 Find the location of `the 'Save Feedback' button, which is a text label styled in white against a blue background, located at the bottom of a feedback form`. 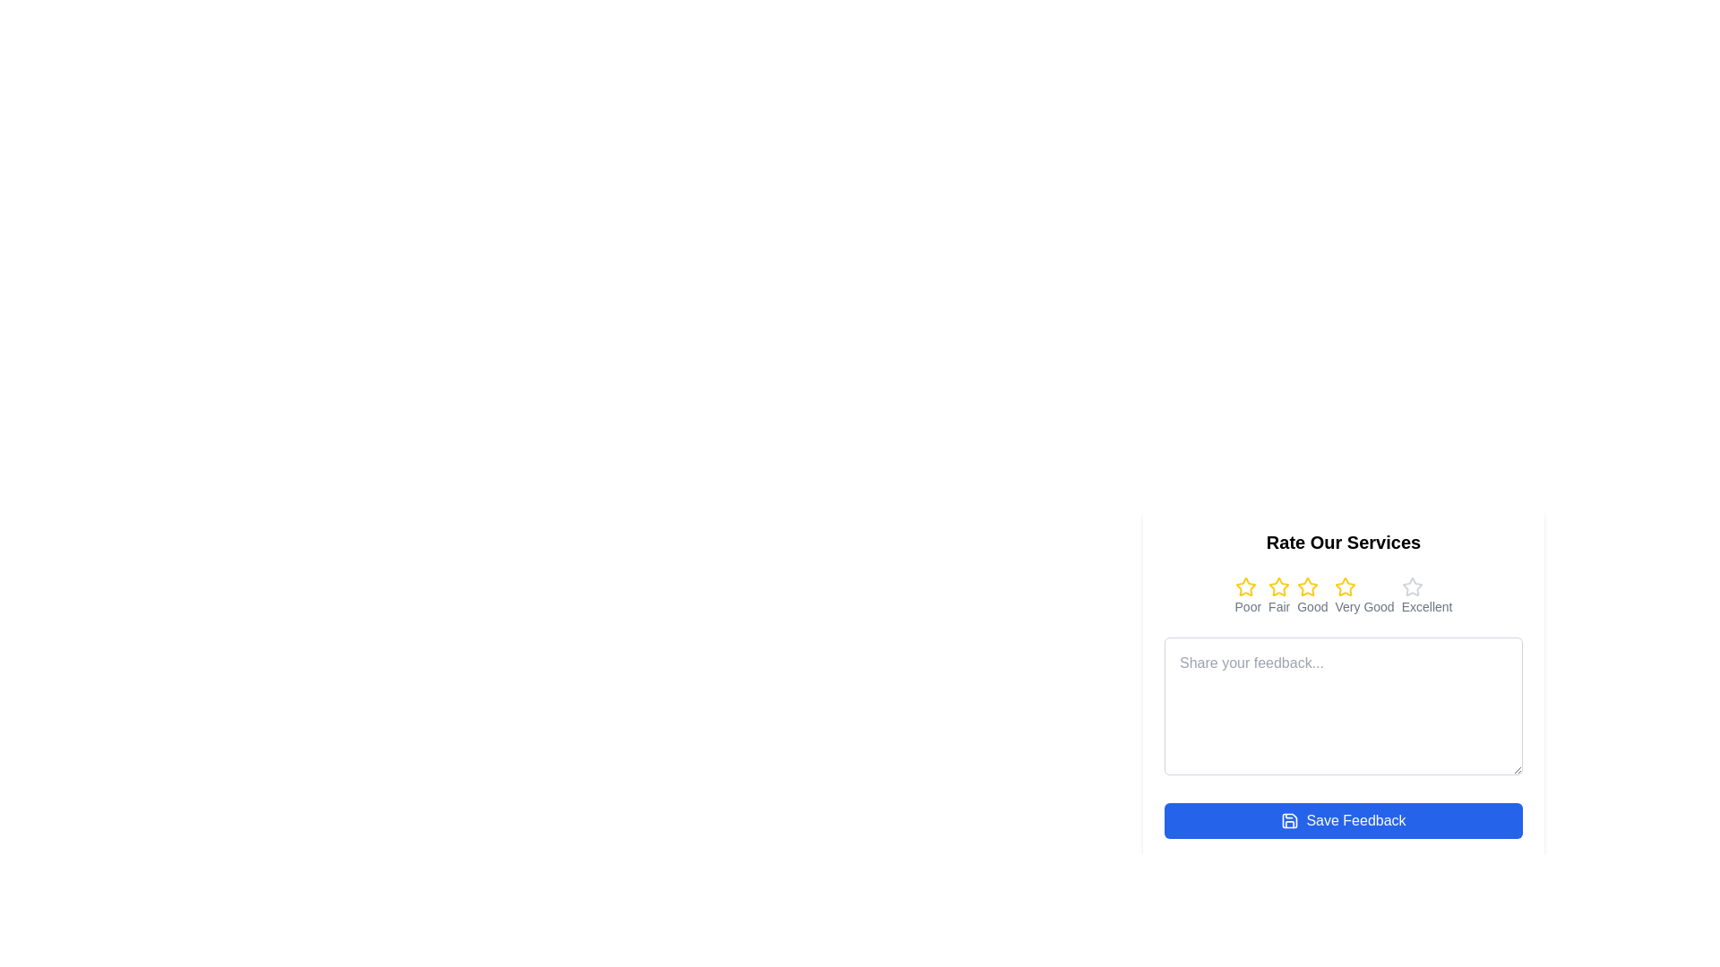

the 'Save Feedback' button, which is a text label styled in white against a blue background, located at the bottom of a feedback form is located at coordinates (1355, 821).